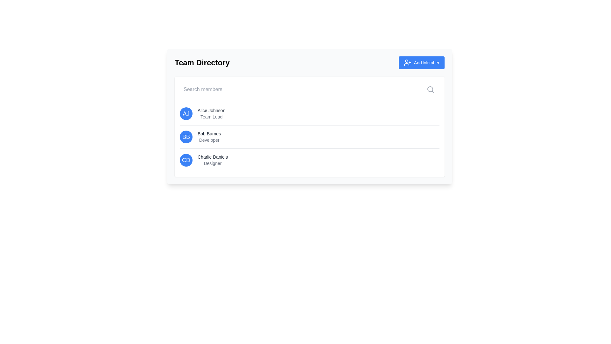 This screenshot has height=344, width=611. Describe the element at coordinates (421, 62) in the screenshot. I see `the 'Add Member' button located in the upper-right corner of the 'Team Directory' section` at that location.